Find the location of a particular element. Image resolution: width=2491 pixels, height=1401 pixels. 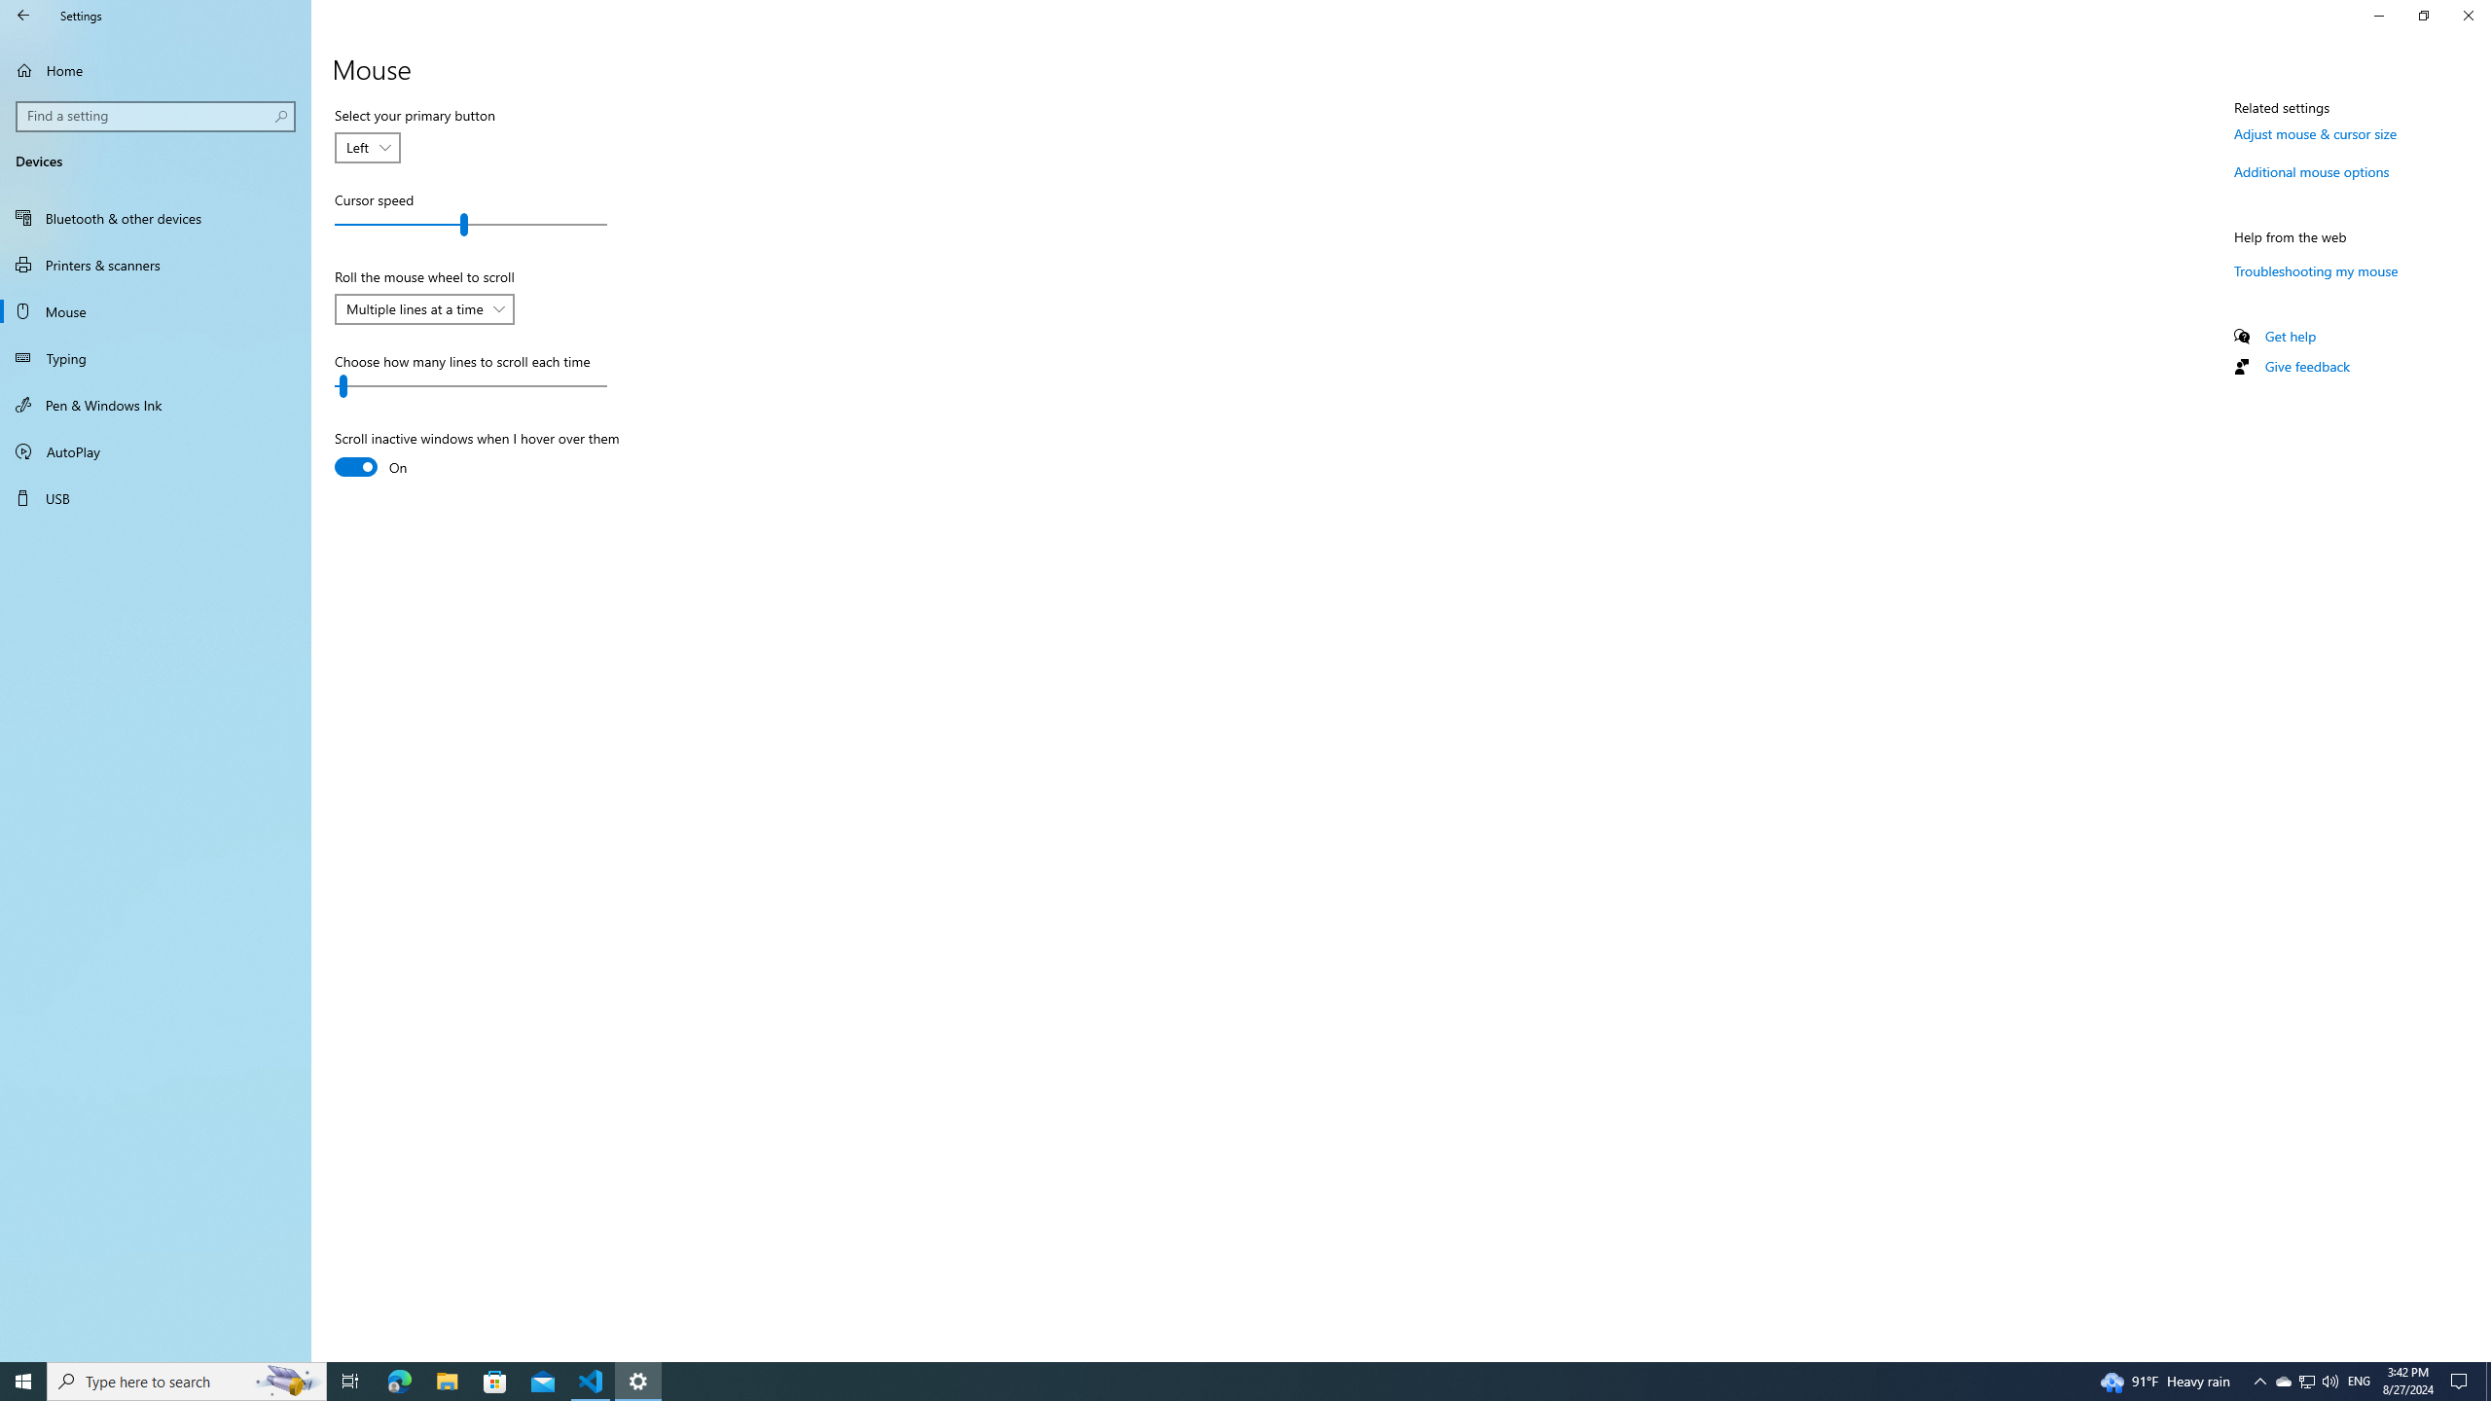

'Choose how many lines to scroll each time' is located at coordinates (469, 386).